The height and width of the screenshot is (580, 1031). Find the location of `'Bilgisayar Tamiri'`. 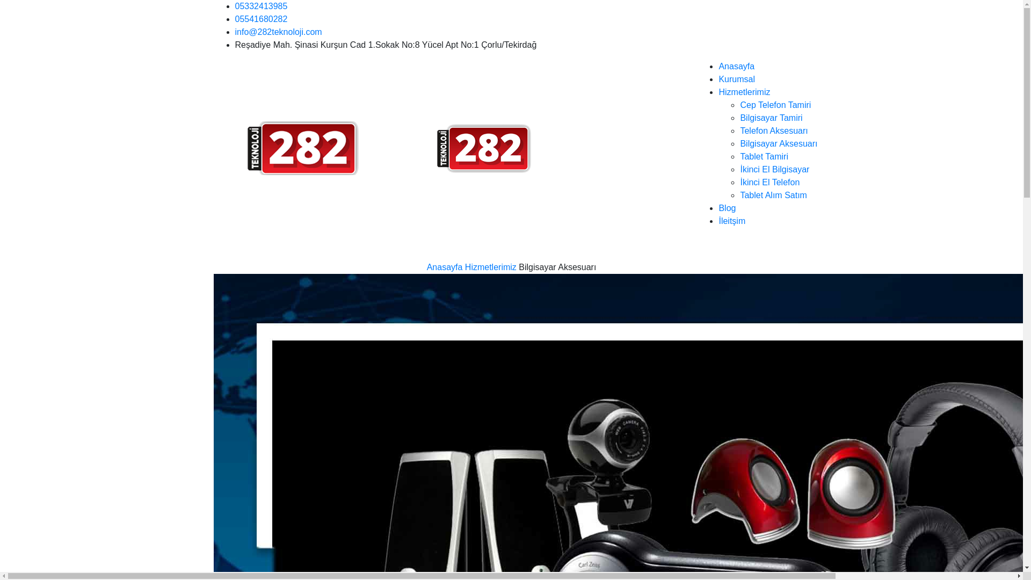

'Bilgisayar Tamiri' is located at coordinates (770, 118).